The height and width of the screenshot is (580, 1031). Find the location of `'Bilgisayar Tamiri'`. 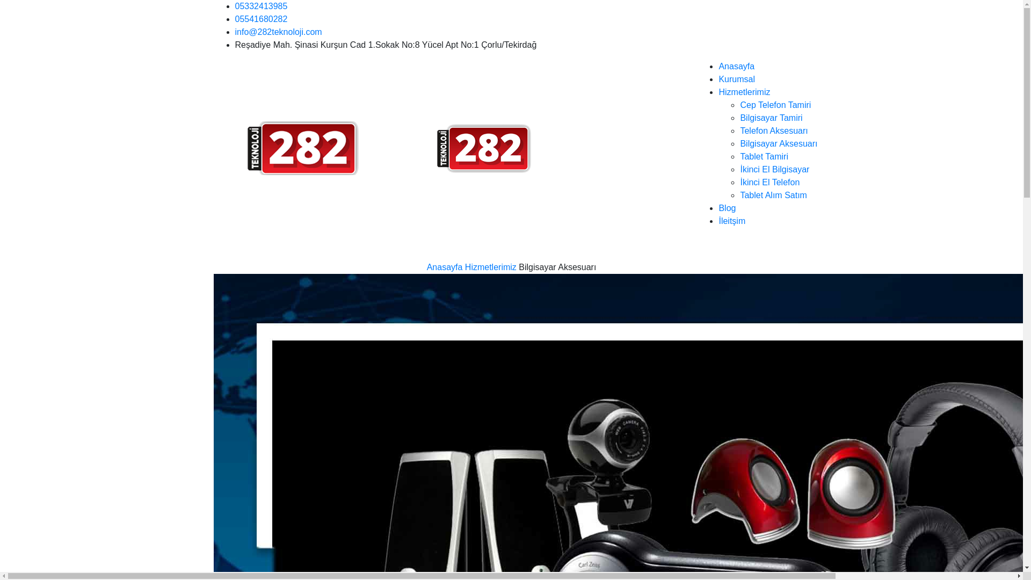

'Bilgisayar Tamiri' is located at coordinates (770, 118).